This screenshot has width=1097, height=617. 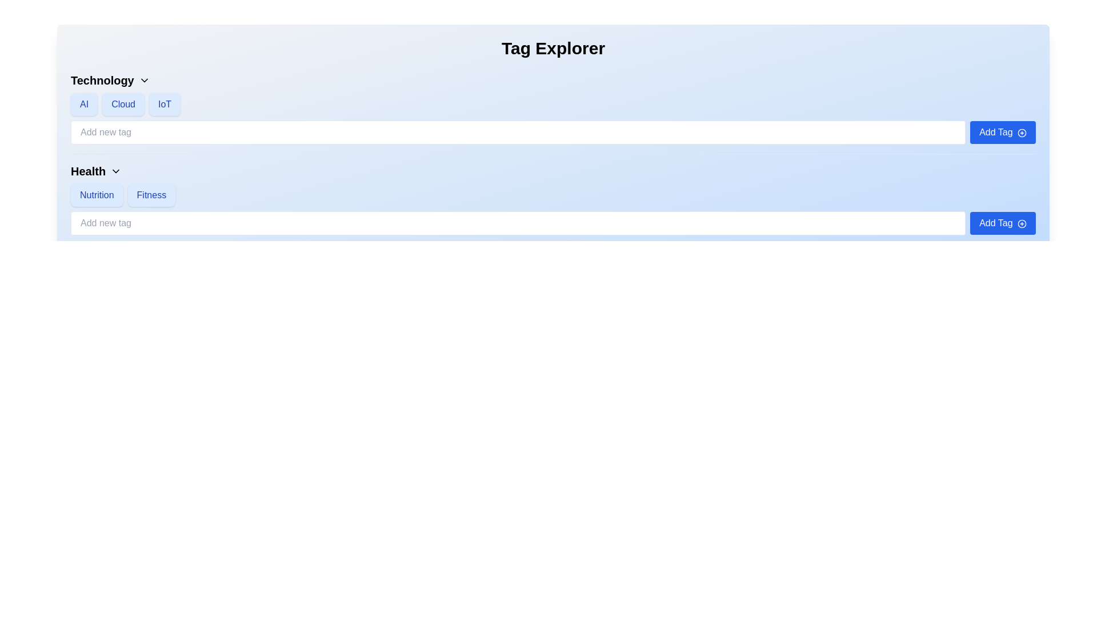 What do you see at coordinates (1002, 223) in the screenshot?
I see `the blue rounded button labeled 'Add Tag' with a plus sign icon` at bounding box center [1002, 223].